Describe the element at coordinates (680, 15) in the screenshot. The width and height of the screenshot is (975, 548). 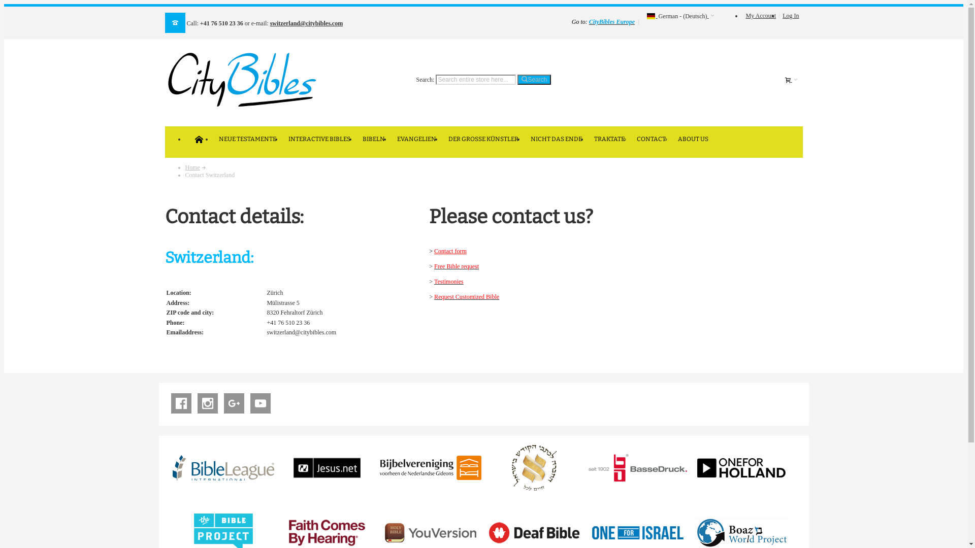
I see `'  German - (Deutsch)'` at that location.